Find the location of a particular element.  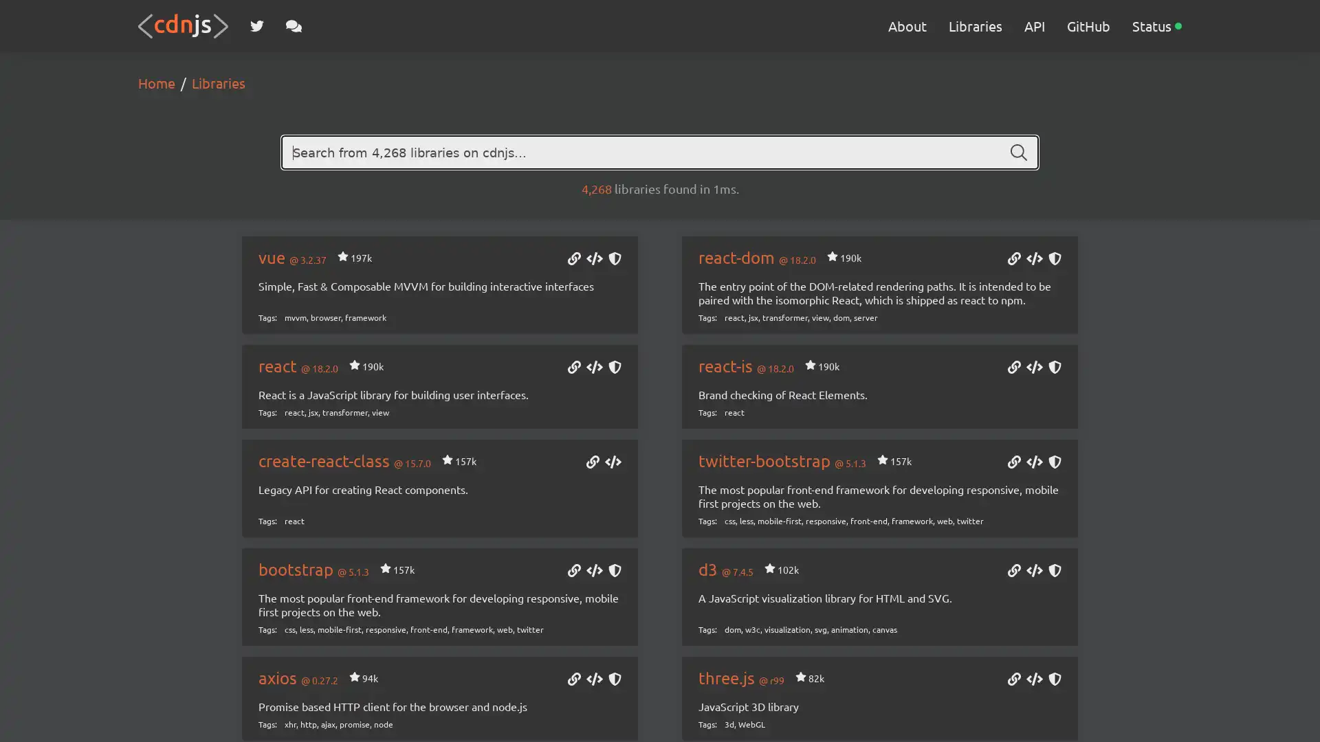

Copy Script Tag is located at coordinates (613, 463).